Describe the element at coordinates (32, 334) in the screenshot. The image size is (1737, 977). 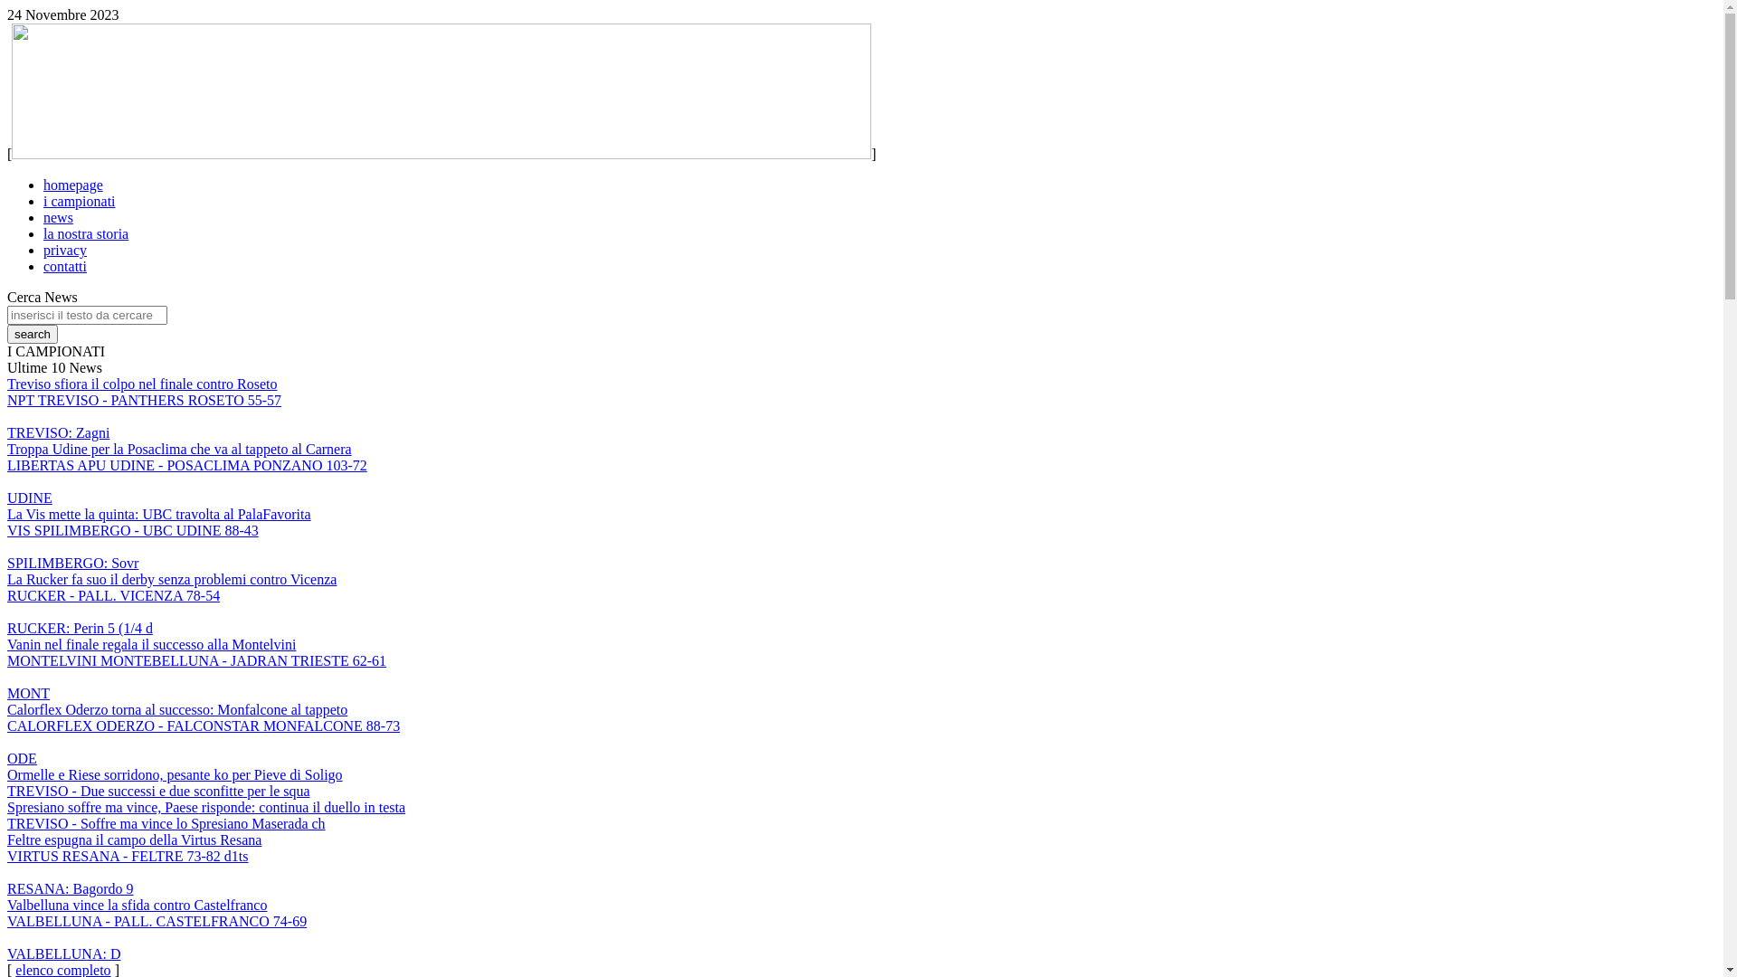
I see `'search'` at that location.